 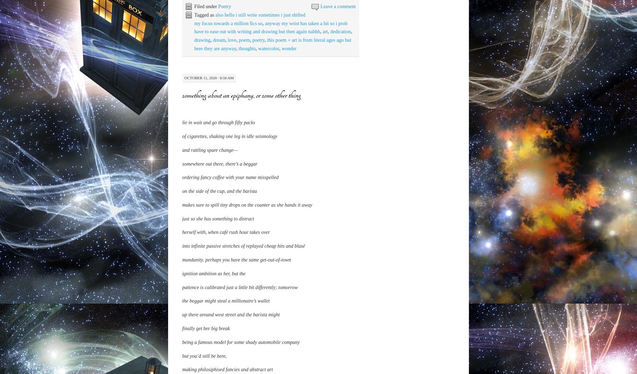 What do you see at coordinates (224, 6) in the screenshot?
I see `'Poetry'` at bounding box center [224, 6].